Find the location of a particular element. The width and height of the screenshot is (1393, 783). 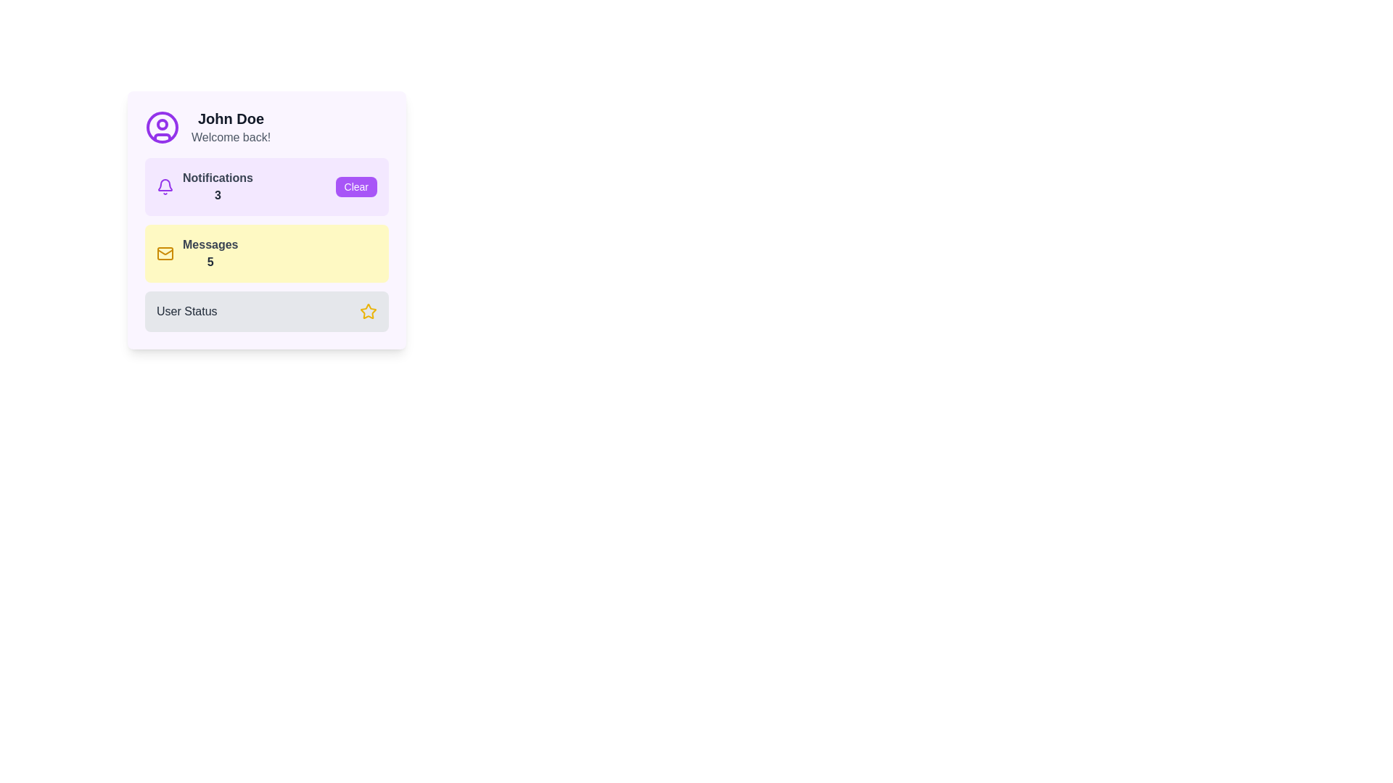

the user header text located at the top left section of the panel interface, above the text 'Welcome back!' is located at coordinates (230, 118).